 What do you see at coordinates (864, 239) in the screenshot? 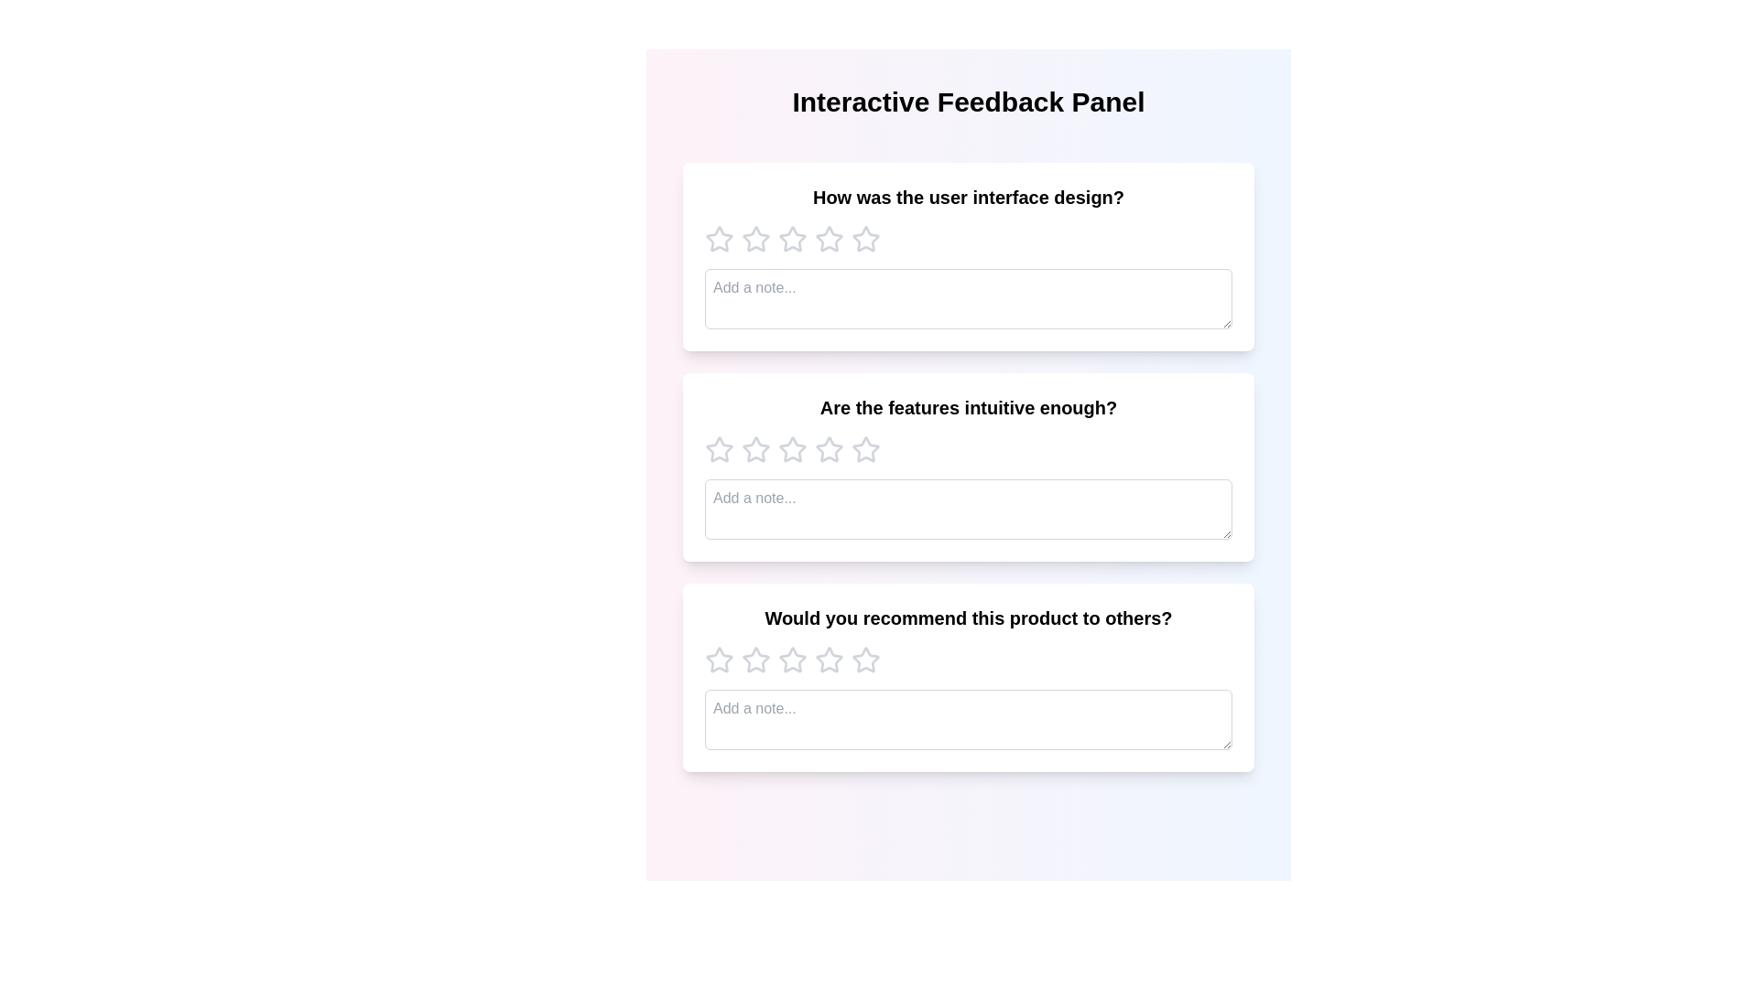
I see `the rating for a feedback prompt to 5 stars` at bounding box center [864, 239].